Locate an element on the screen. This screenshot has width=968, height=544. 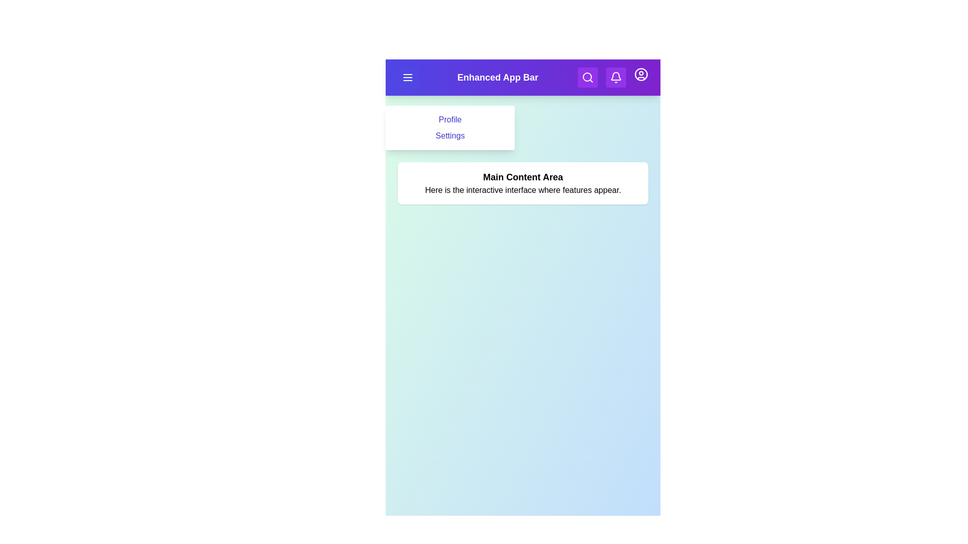
the menu button to open the menu is located at coordinates (408, 77).